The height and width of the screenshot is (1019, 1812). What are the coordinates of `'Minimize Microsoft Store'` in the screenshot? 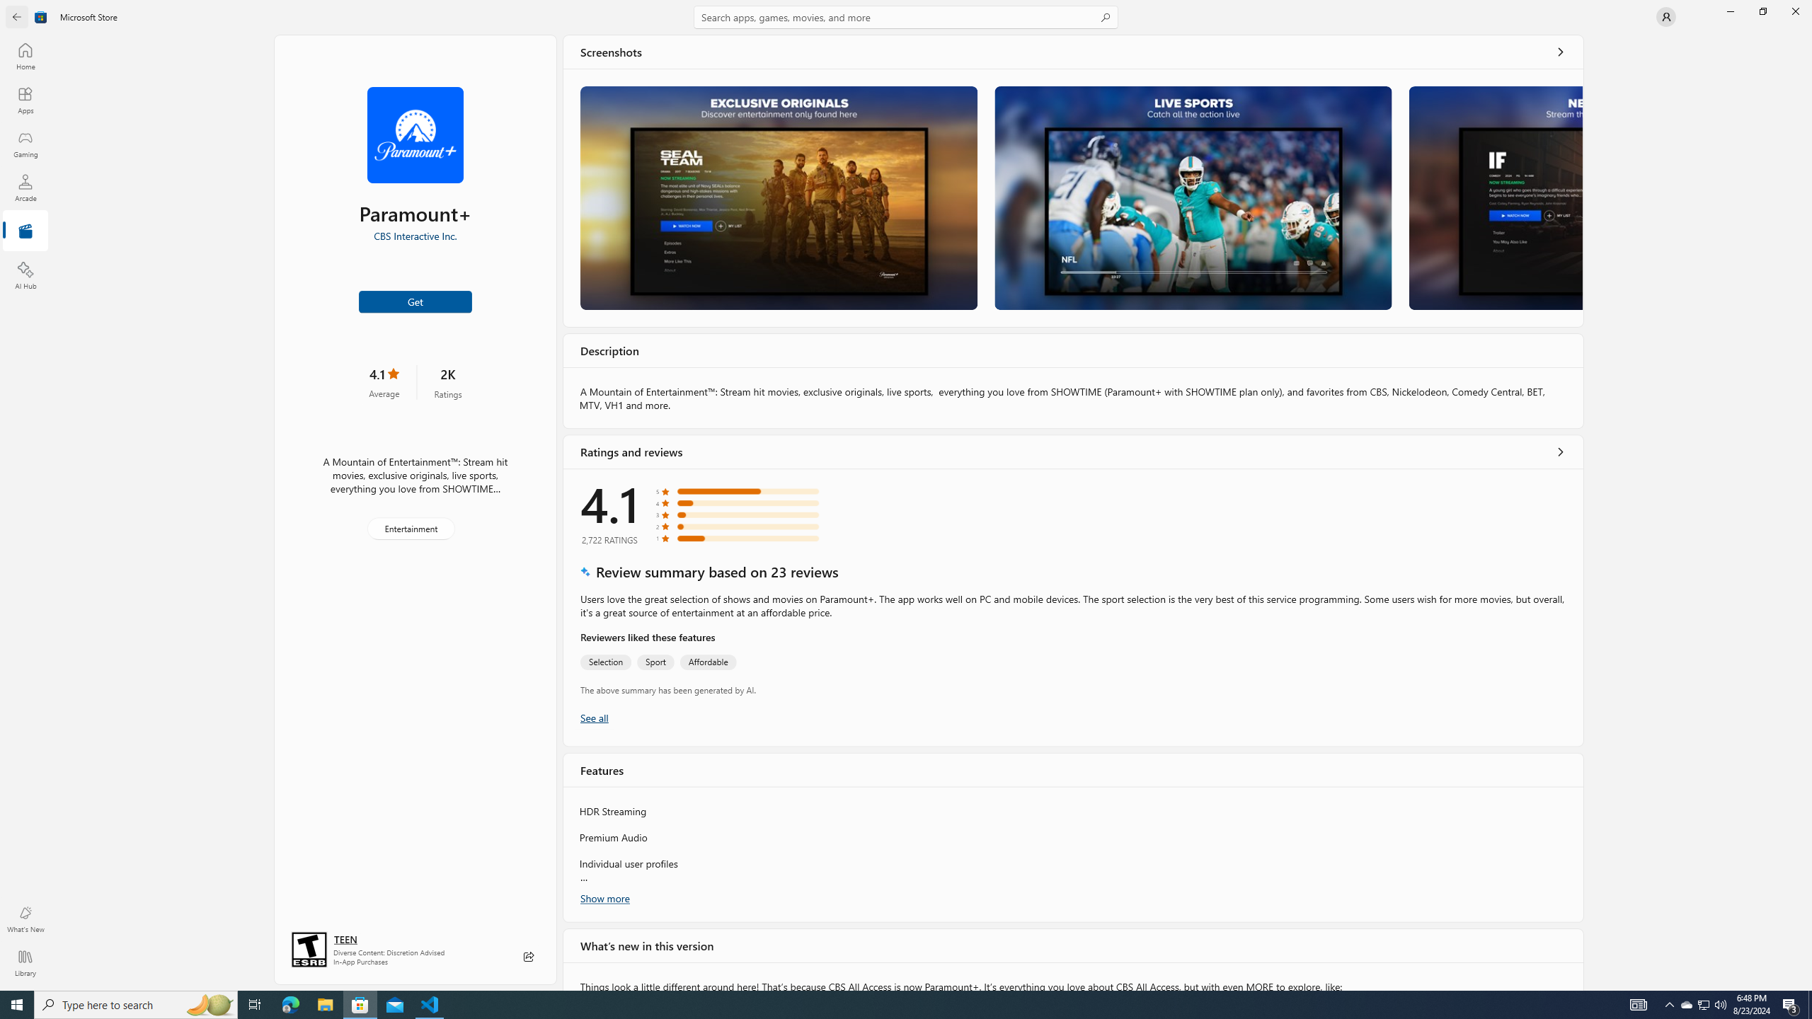 It's located at (1729, 11).